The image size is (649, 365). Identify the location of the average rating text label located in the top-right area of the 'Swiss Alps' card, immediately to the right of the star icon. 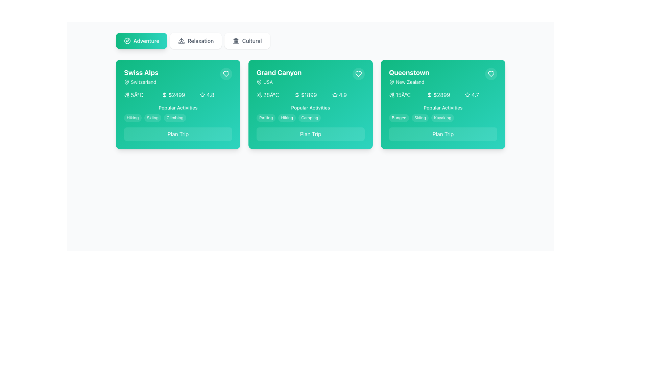
(210, 95).